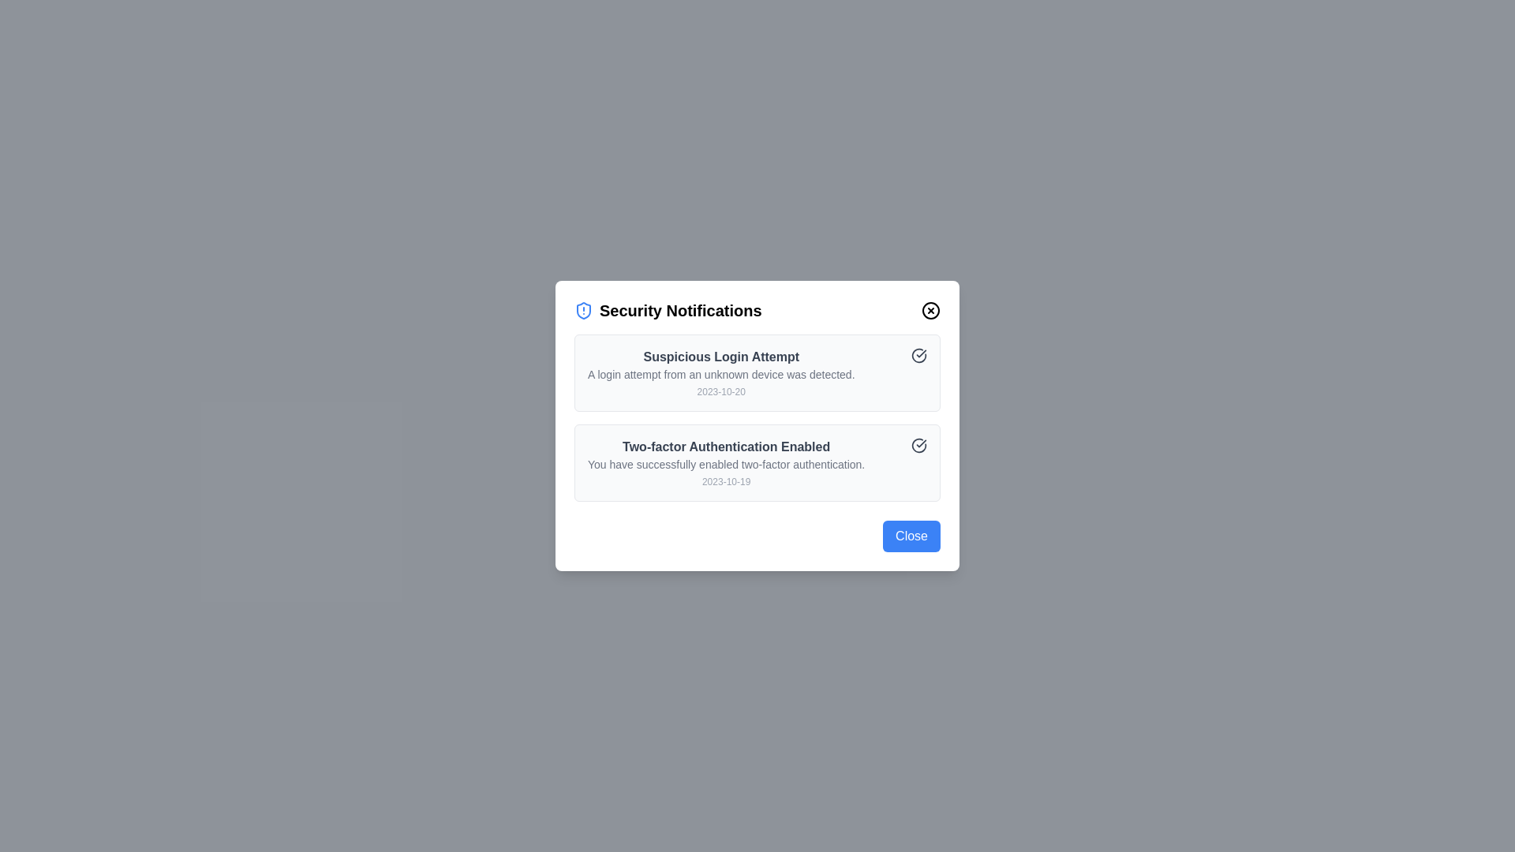 The width and height of the screenshot is (1515, 852). What do you see at coordinates (725, 464) in the screenshot?
I see `the static text block displaying the message 'You have successfully enabled two-factor authentication.' which is located below the title 'Two-factor Authentication Enabled.'` at bounding box center [725, 464].